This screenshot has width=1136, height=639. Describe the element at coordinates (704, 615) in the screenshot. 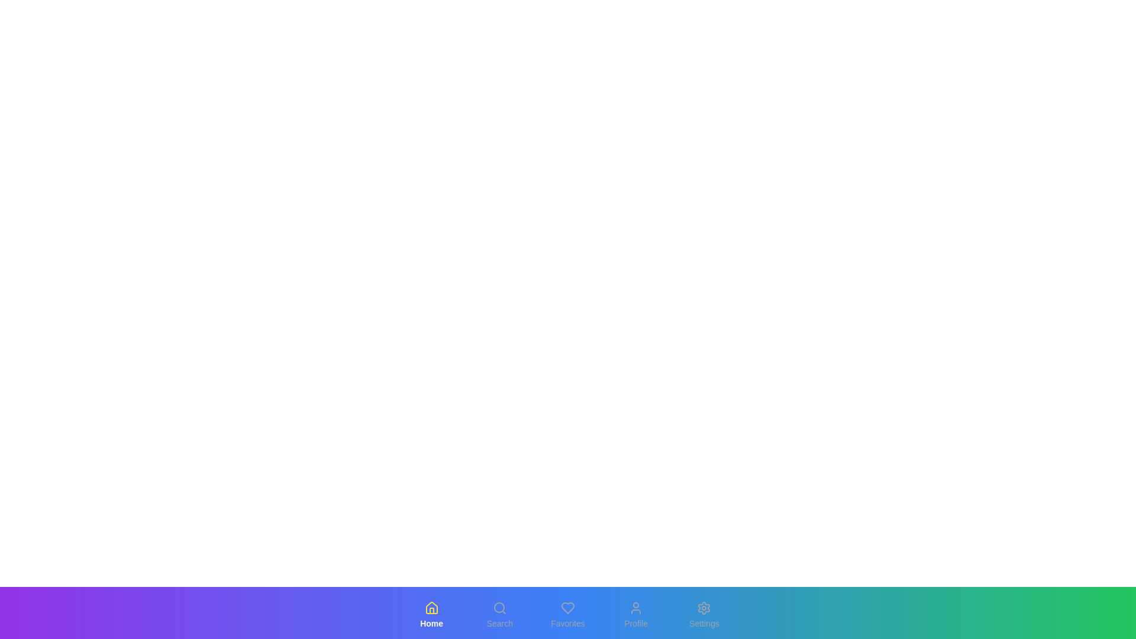

I see `the button labeled Settings` at that location.